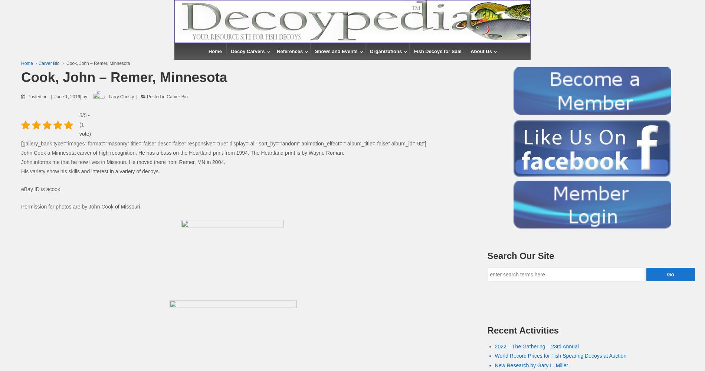  What do you see at coordinates (289, 51) in the screenshot?
I see `'References'` at bounding box center [289, 51].